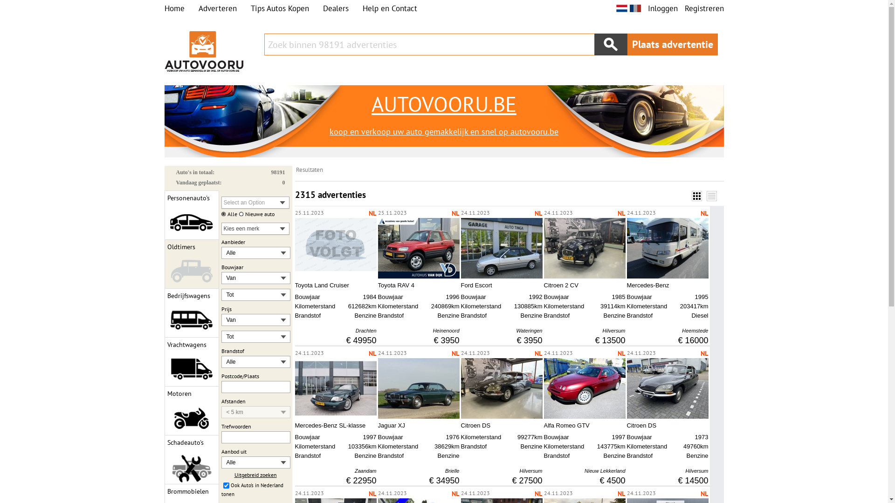 The width and height of the screenshot is (895, 503). What do you see at coordinates (249, 411) in the screenshot?
I see `'< 5 km'` at bounding box center [249, 411].